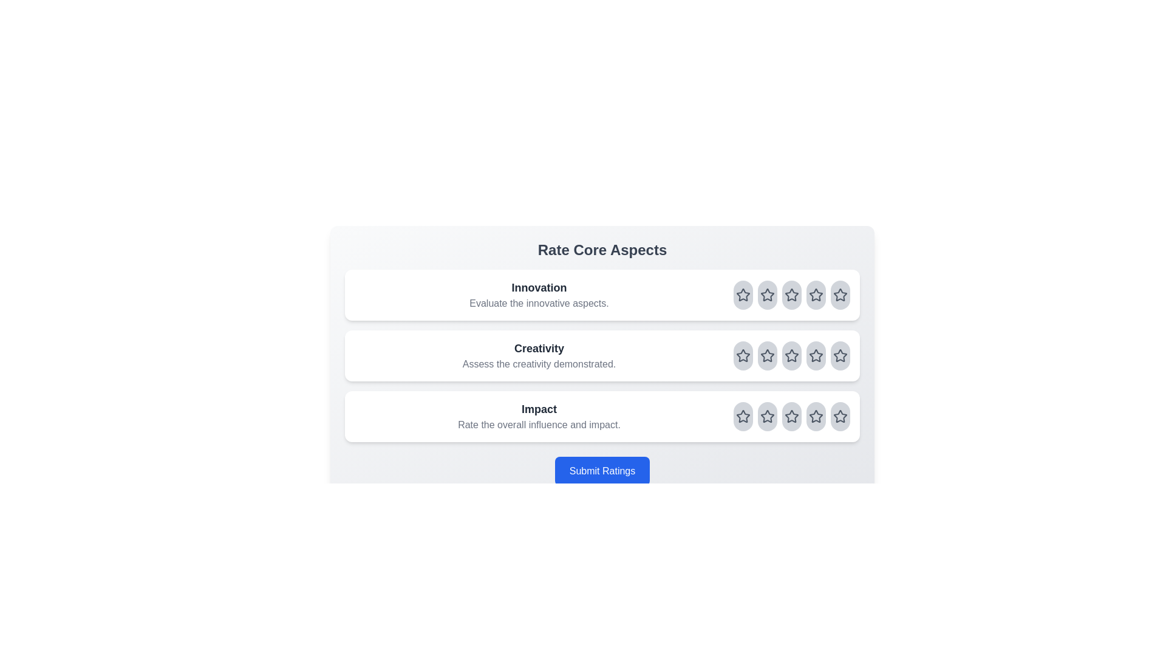  Describe the element at coordinates (766, 295) in the screenshot. I see `the rating for the aspect Innovation to 2 stars by clicking on the corresponding star` at that location.